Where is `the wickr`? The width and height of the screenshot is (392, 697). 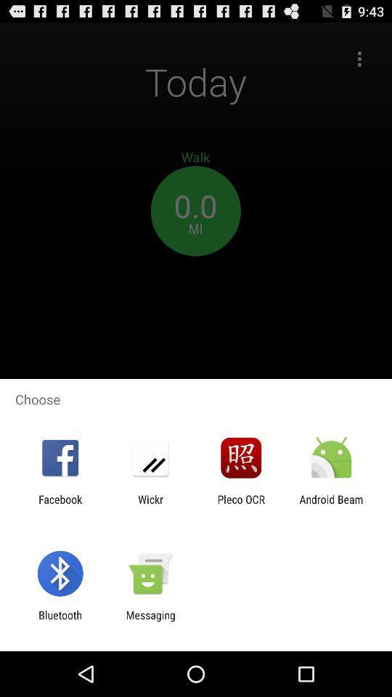 the wickr is located at coordinates (150, 505).